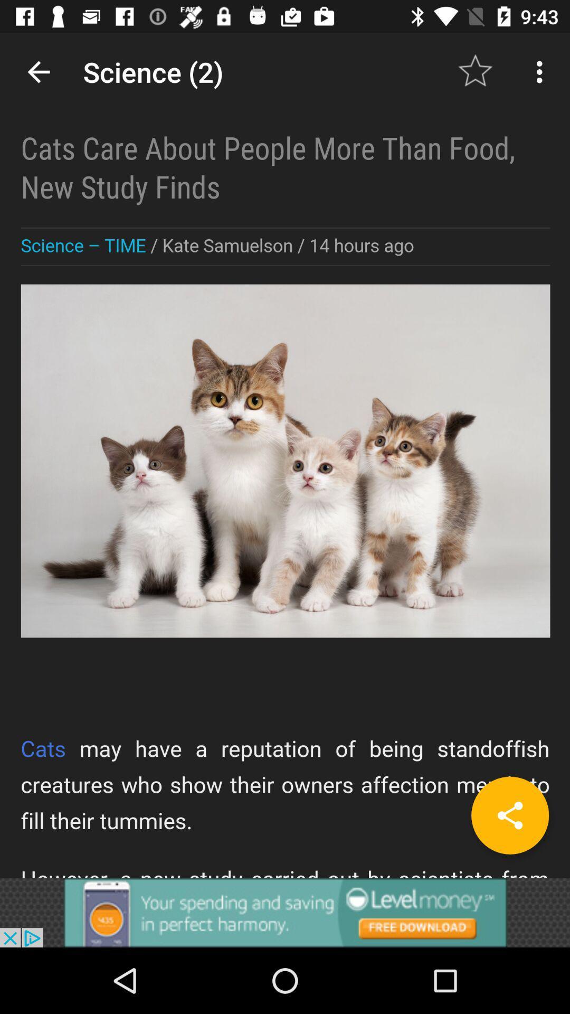 The width and height of the screenshot is (570, 1014). I want to click on page, so click(509, 815).